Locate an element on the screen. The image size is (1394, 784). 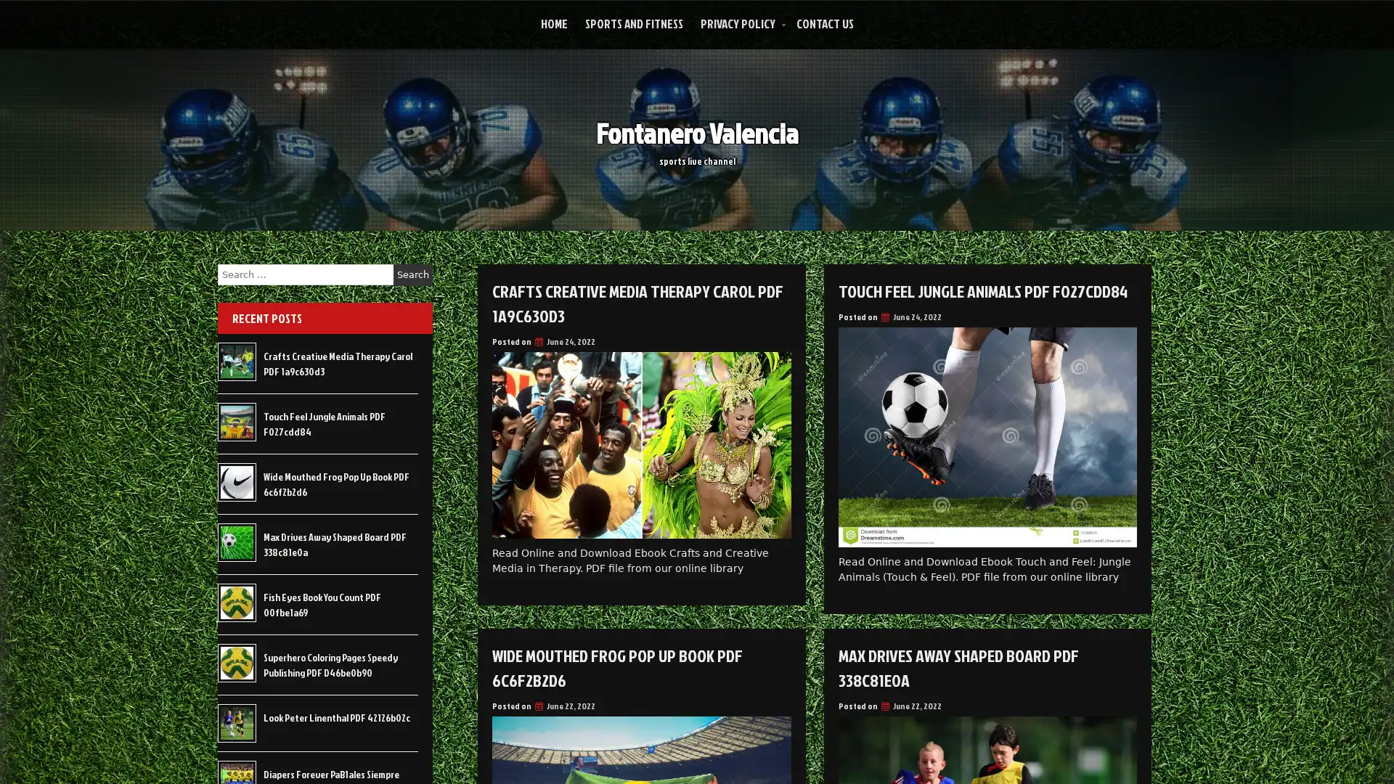
Search is located at coordinates (412, 274).